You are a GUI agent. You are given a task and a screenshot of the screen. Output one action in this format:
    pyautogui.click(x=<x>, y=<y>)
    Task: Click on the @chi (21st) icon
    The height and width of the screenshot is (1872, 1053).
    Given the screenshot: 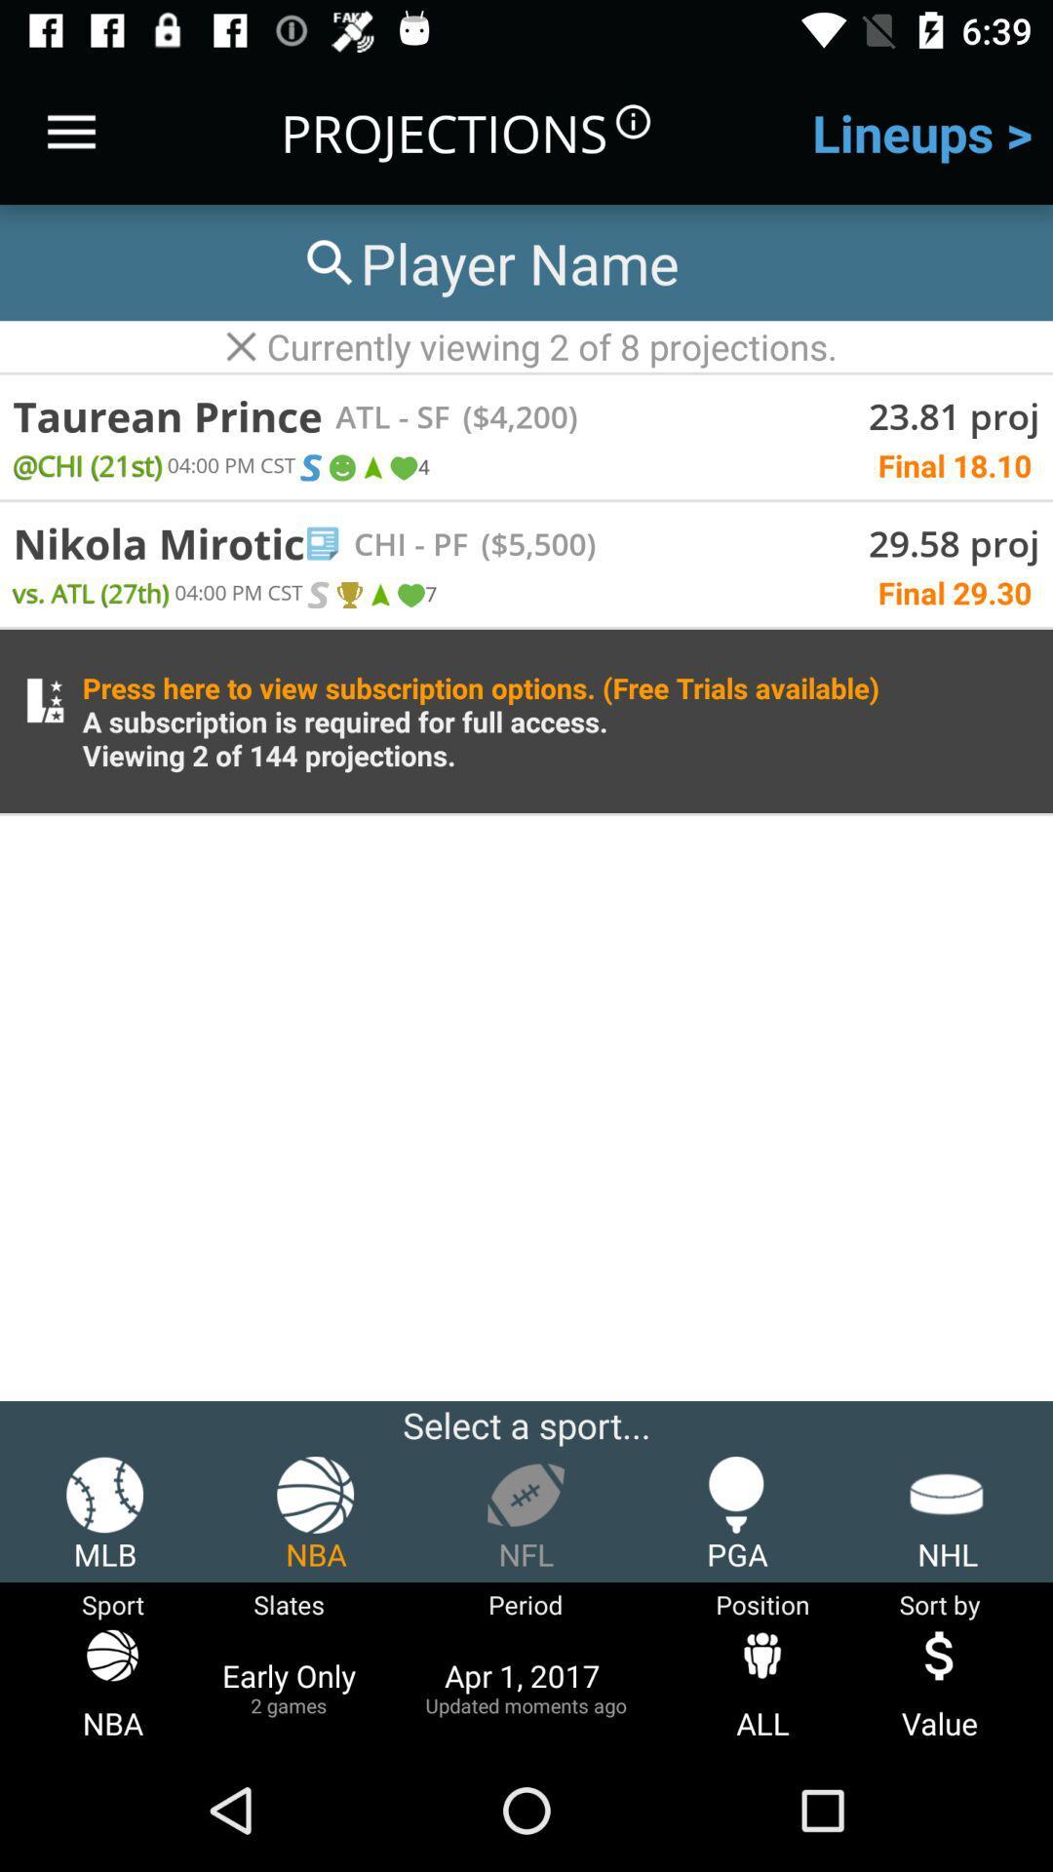 What is the action you would take?
    pyautogui.click(x=86, y=463)
    